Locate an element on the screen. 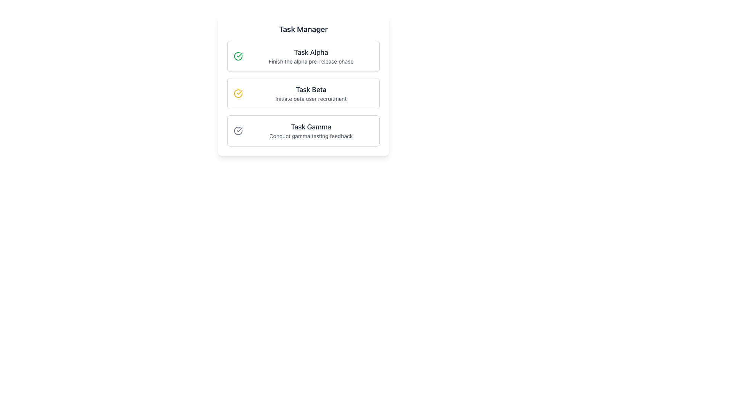 The width and height of the screenshot is (732, 411). the circular gray icon with a checkmark inside, located to the left of the 'Task Gamma' text, to interact with it is located at coordinates (238, 130).